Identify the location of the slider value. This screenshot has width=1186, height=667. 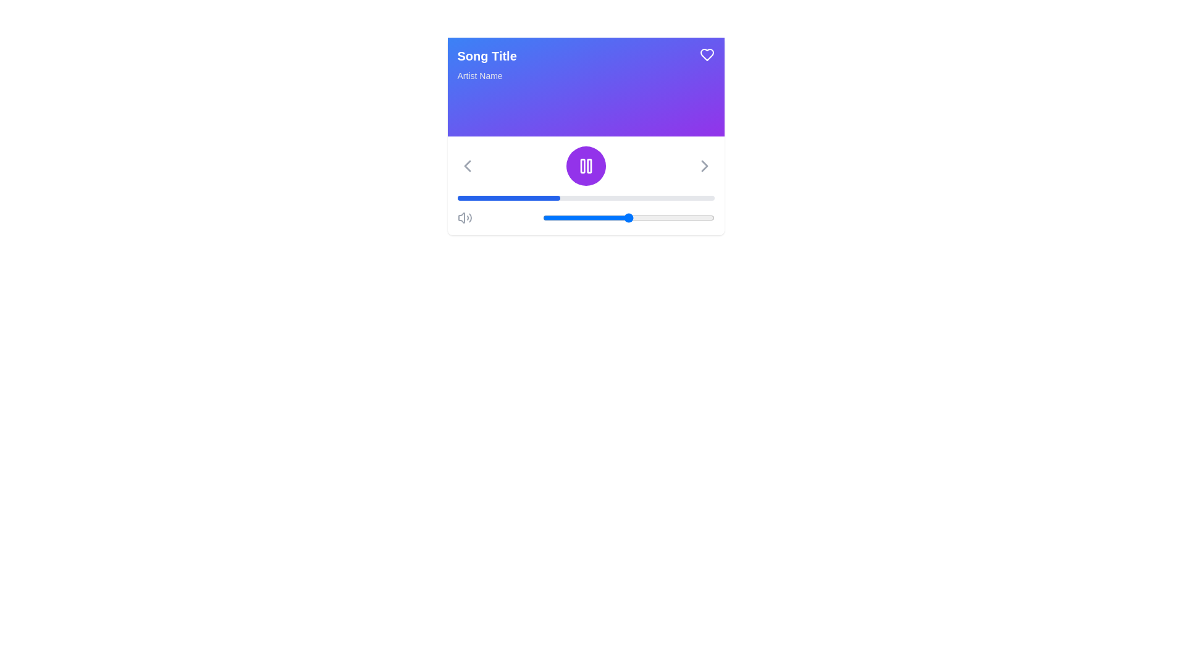
(674, 217).